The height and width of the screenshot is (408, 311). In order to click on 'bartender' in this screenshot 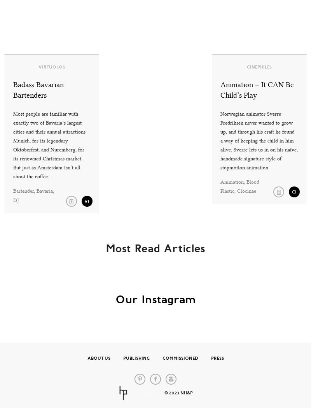, I will do `click(23, 191)`.